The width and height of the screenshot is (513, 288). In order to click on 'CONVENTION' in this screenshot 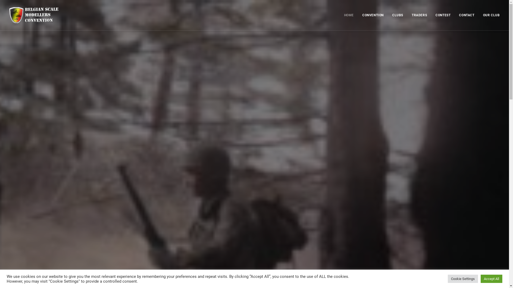, I will do `click(373, 15)`.